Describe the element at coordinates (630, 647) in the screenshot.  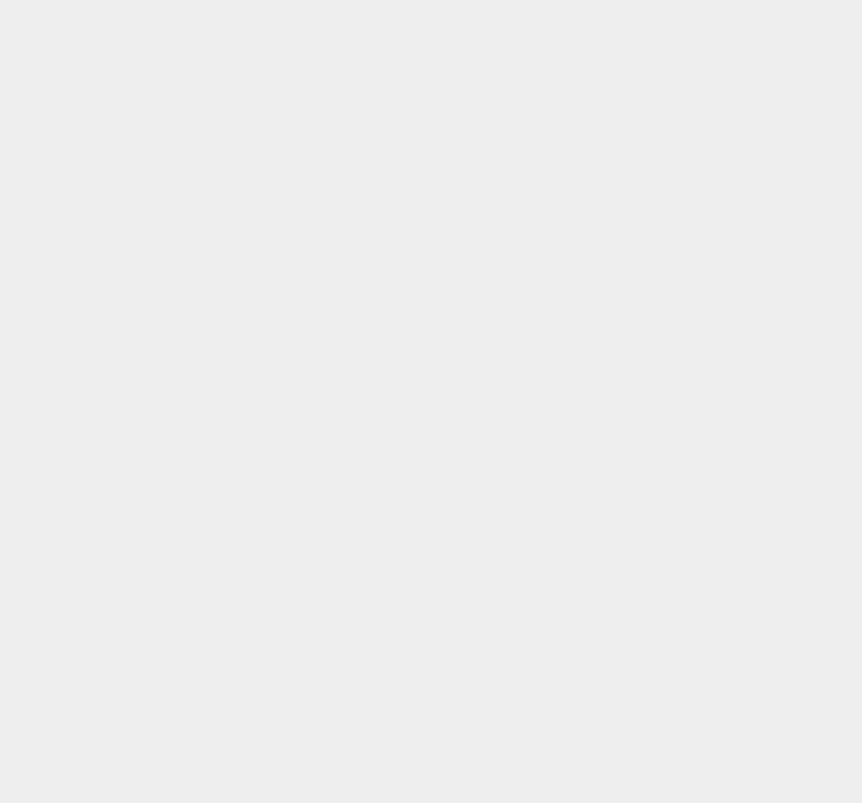
I see `'KingRoot'` at that location.